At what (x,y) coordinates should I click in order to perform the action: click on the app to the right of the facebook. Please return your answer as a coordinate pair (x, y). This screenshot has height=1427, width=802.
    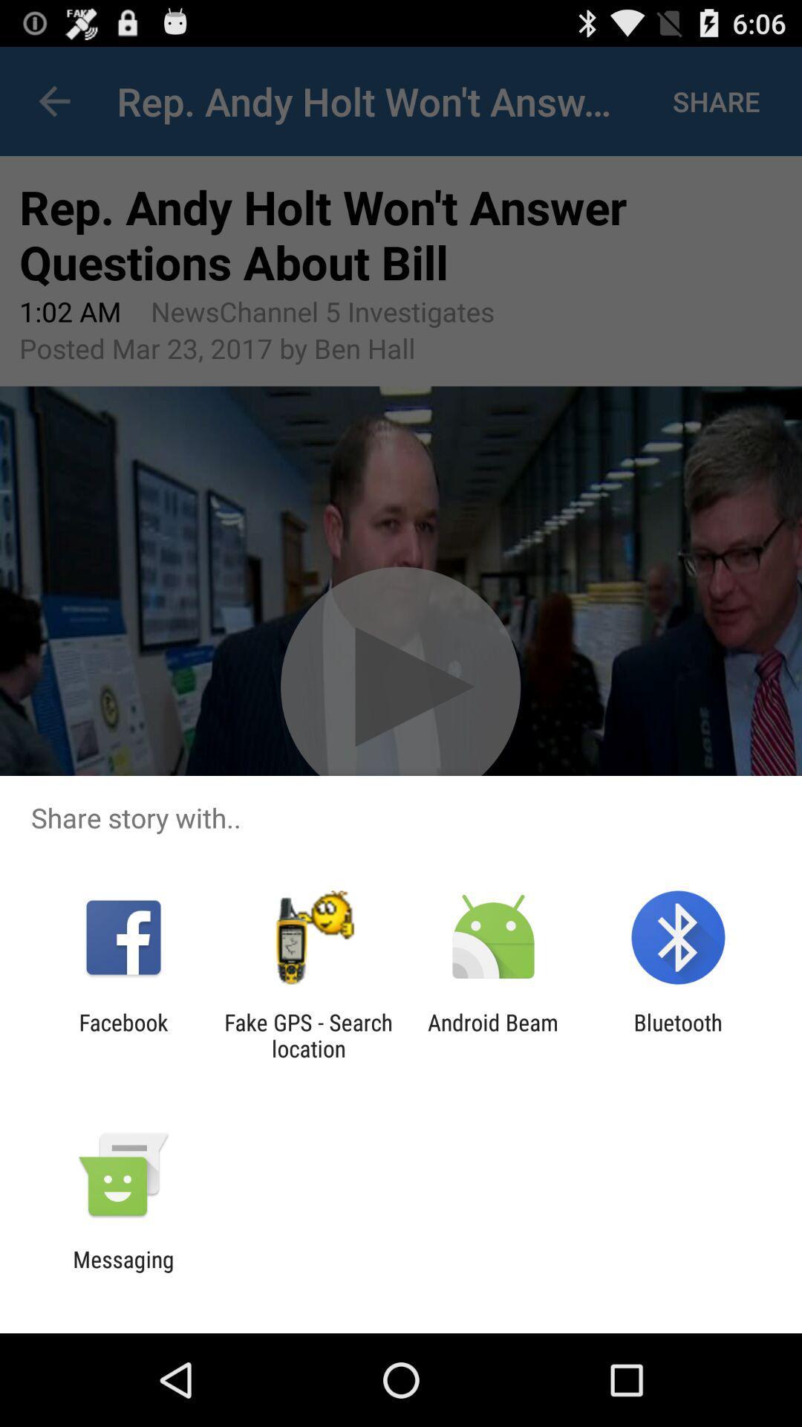
    Looking at the image, I should click on (307, 1035).